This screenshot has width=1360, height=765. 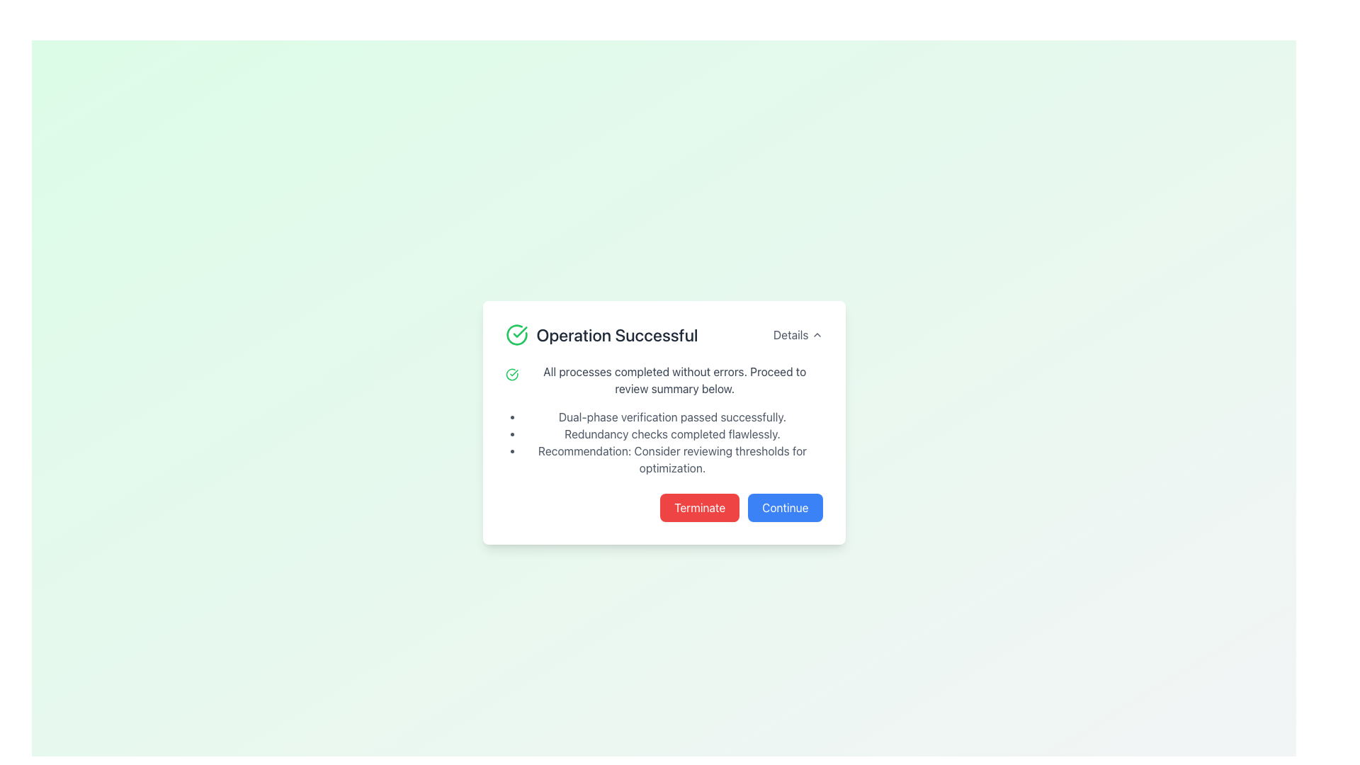 I want to click on text 'Redundancy checks completed flawlessly.' which is the second list item in a bullet-point list within a dialog box, so click(x=671, y=433).